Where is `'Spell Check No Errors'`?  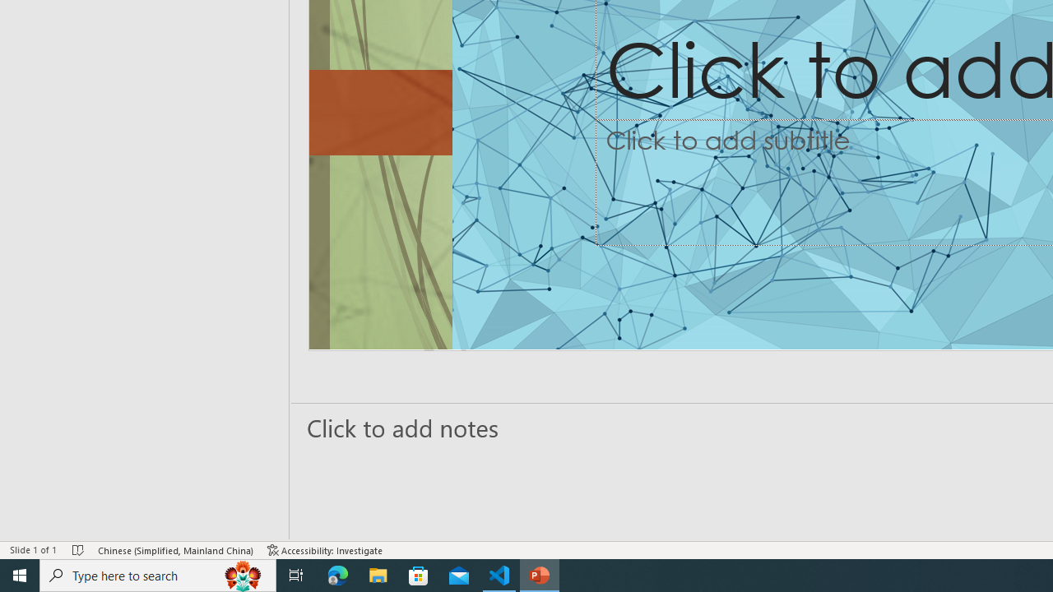 'Spell Check No Errors' is located at coordinates (78, 550).